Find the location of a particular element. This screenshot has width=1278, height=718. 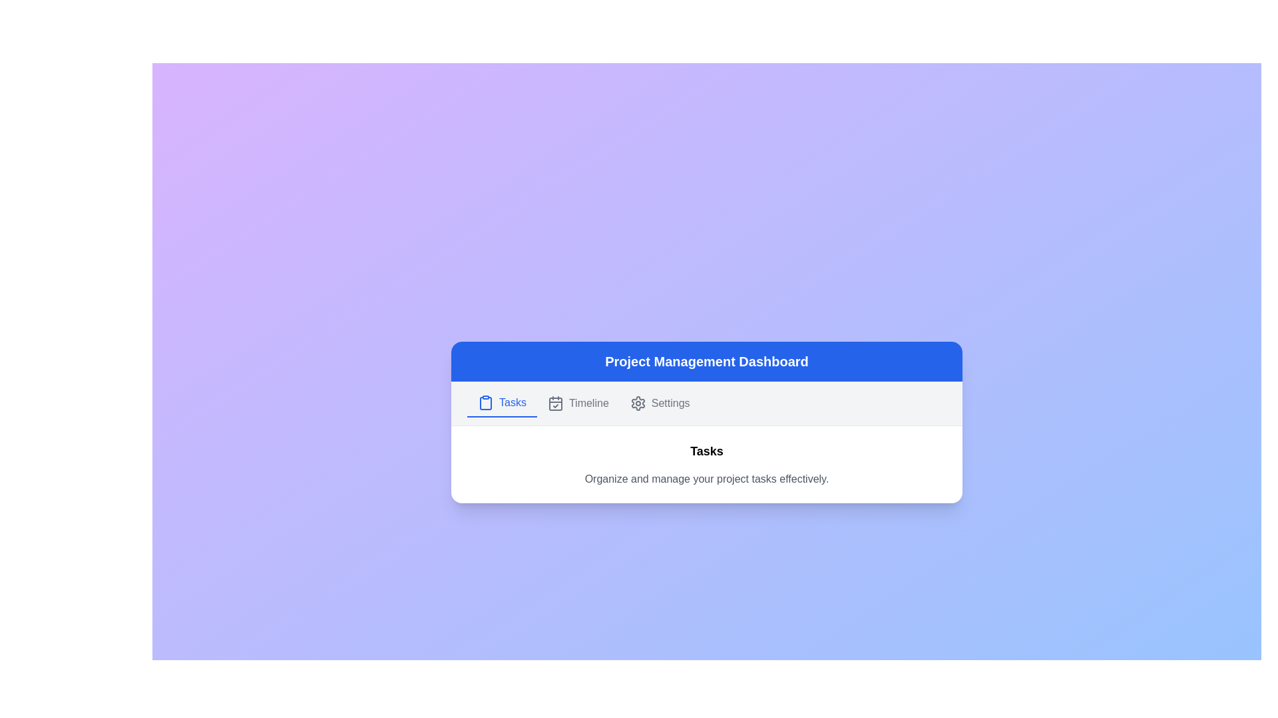

the Settings tab by clicking on its label is located at coordinates (659, 402).